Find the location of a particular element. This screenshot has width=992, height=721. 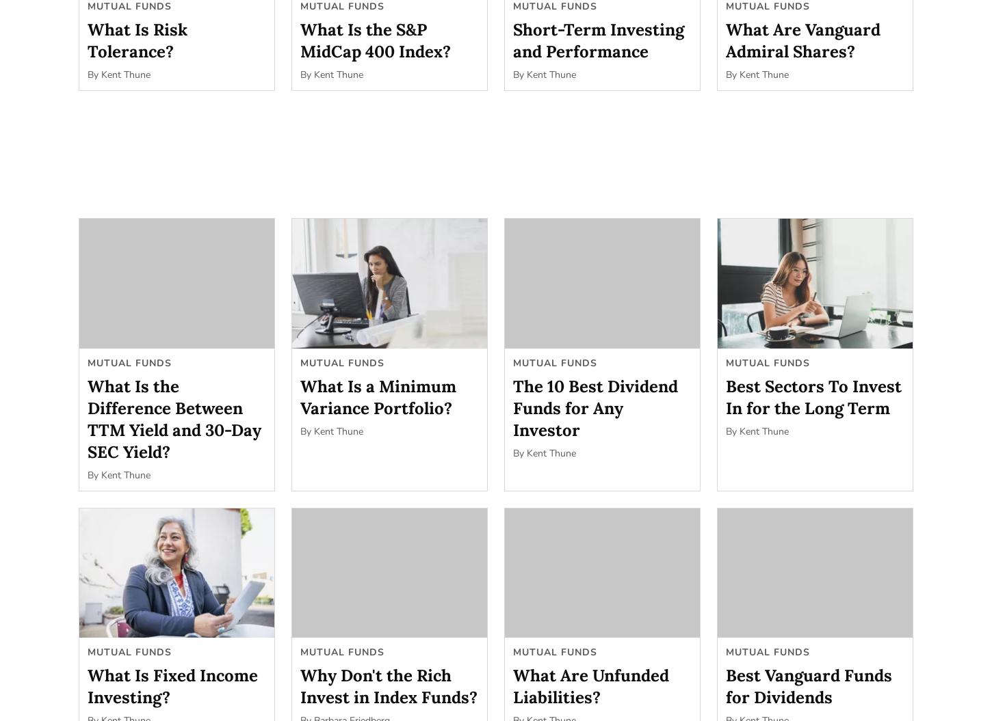

'What Is the S&P MidCap 400 Index?' is located at coordinates (375, 40).